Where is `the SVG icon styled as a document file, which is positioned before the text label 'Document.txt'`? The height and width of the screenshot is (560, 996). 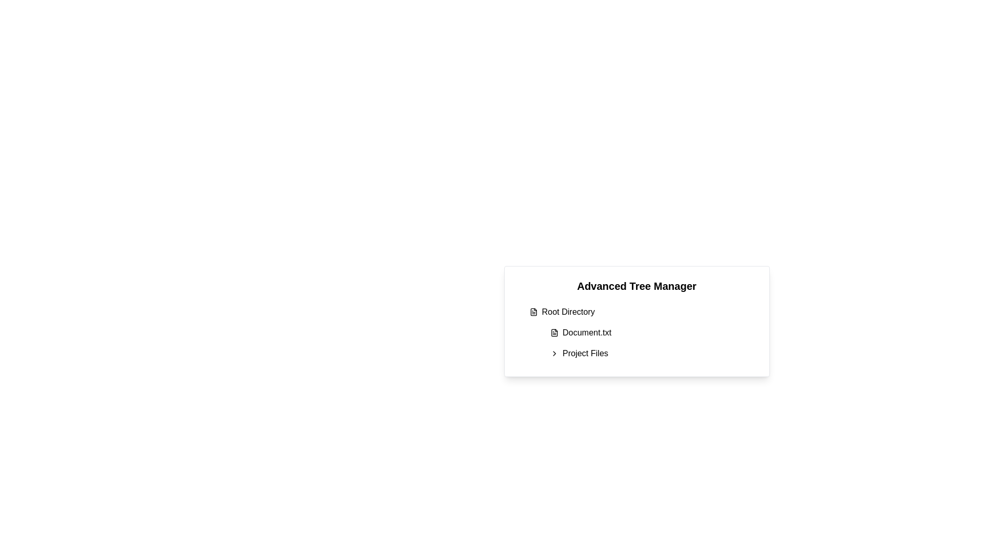 the SVG icon styled as a document file, which is positioned before the text label 'Document.txt' is located at coordinates (554, 332).